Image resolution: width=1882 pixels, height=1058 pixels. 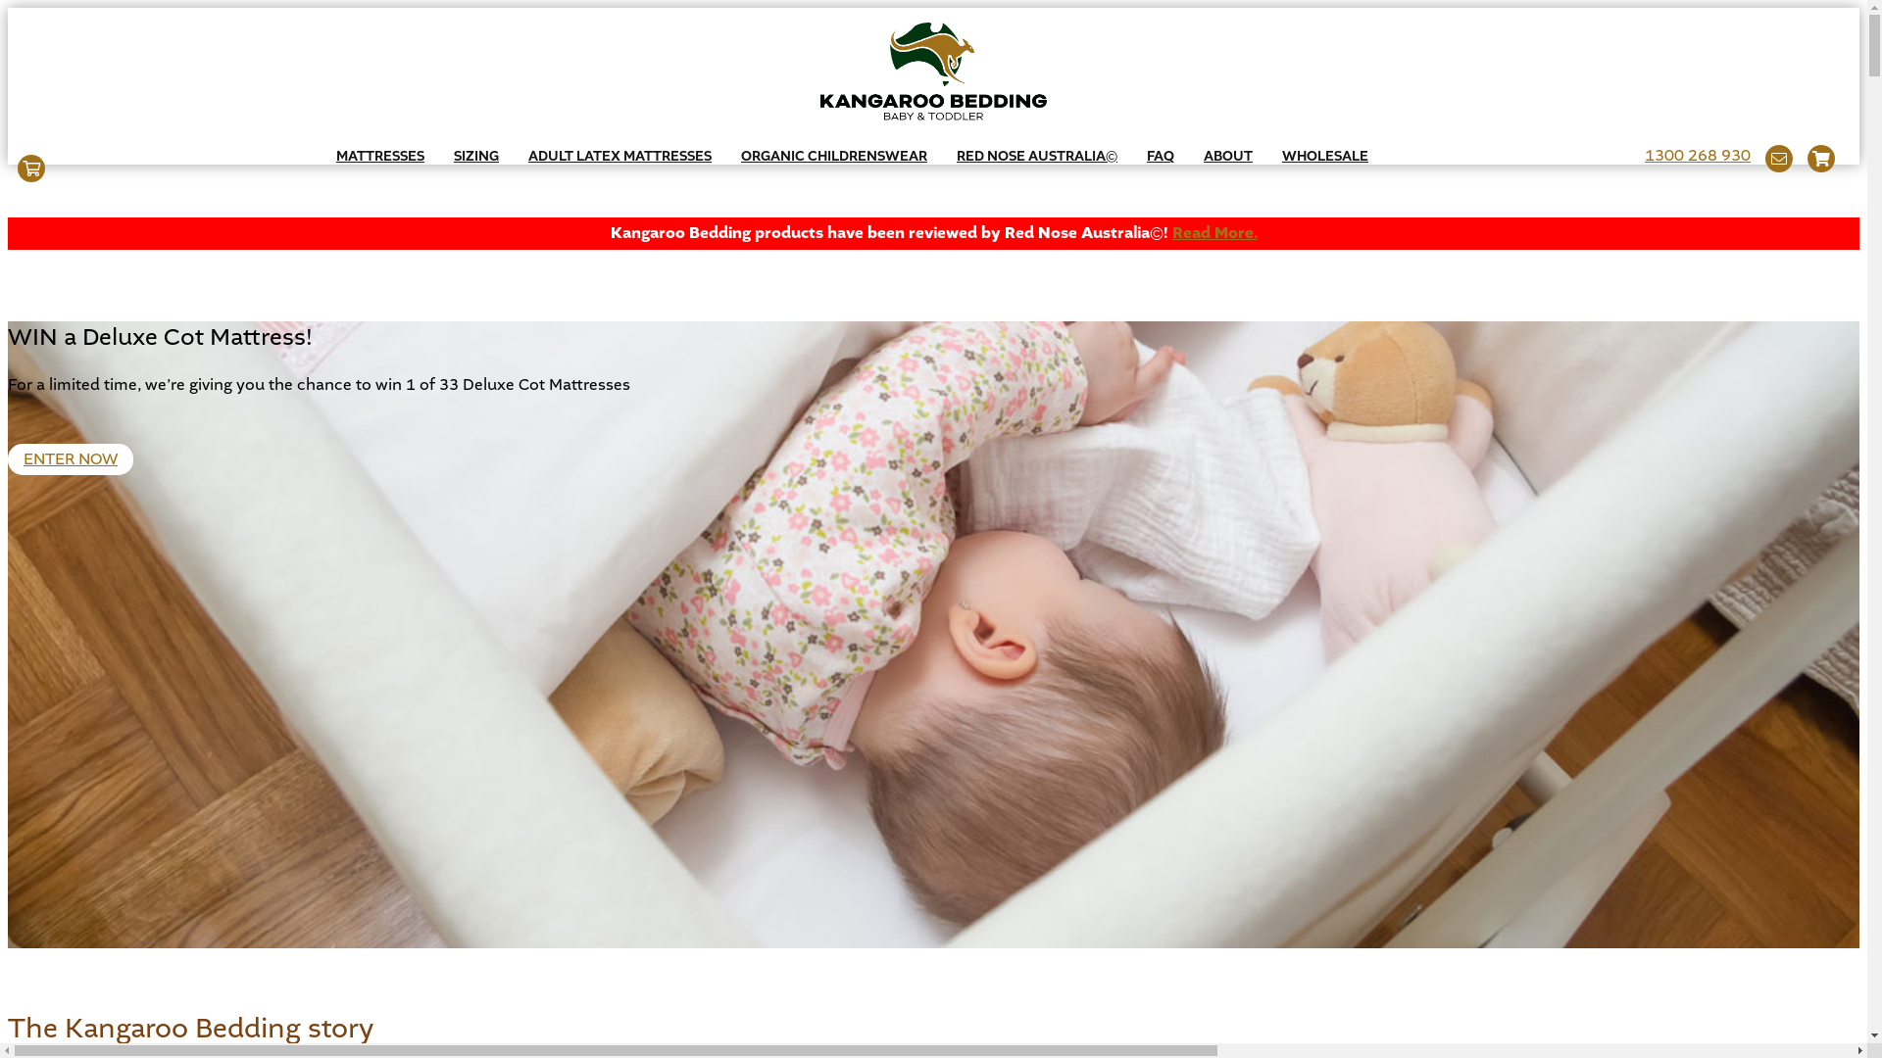 What do you see at coordinates (1226, 155) in the screenshot?
I see `'ABOUT'` at bounding box center [1226, 155].